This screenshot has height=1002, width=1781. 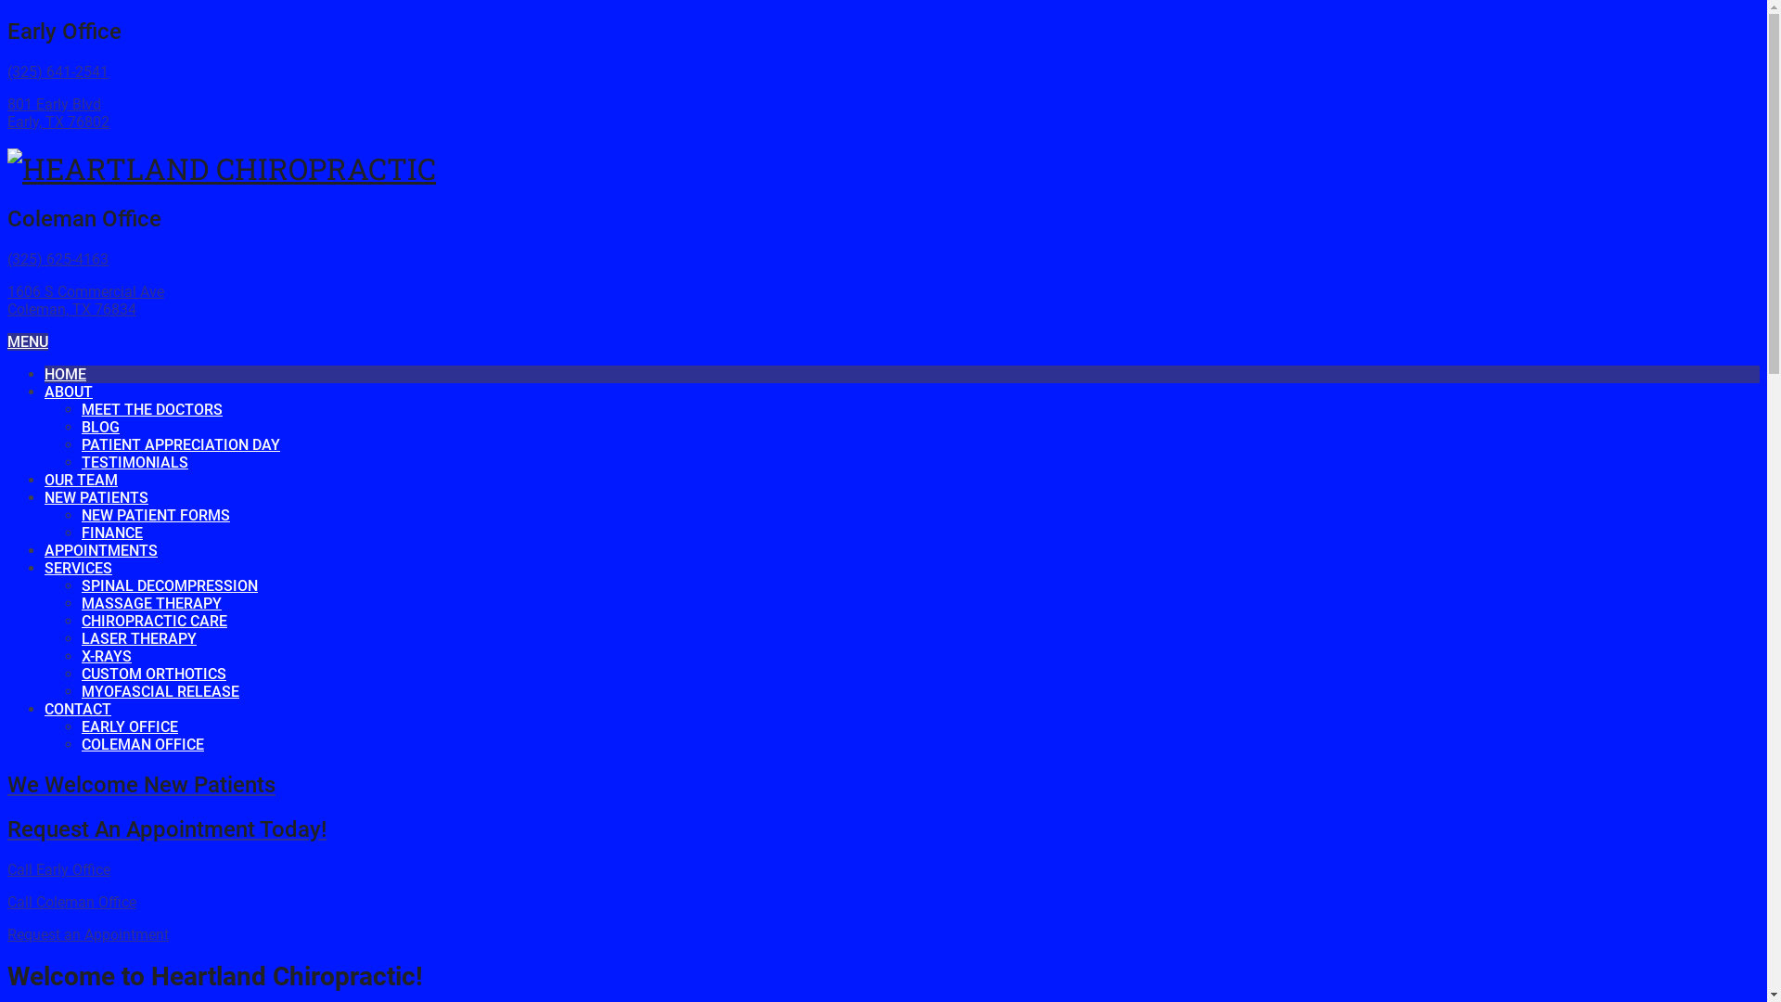 What do you see at coordinates (45, 709) in the screenshot?
I see `'CONTACT'` at bounding box center [45, 709].